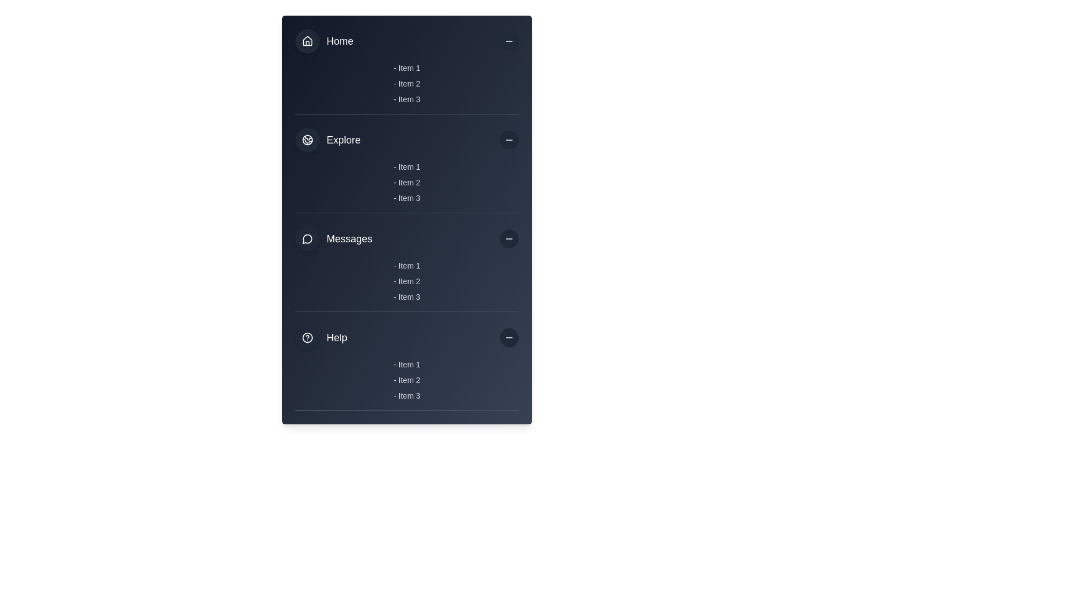  I want to click on the first item in the 'Help' submenu that serves as a descriptor or navigational link, so click(406, 364).